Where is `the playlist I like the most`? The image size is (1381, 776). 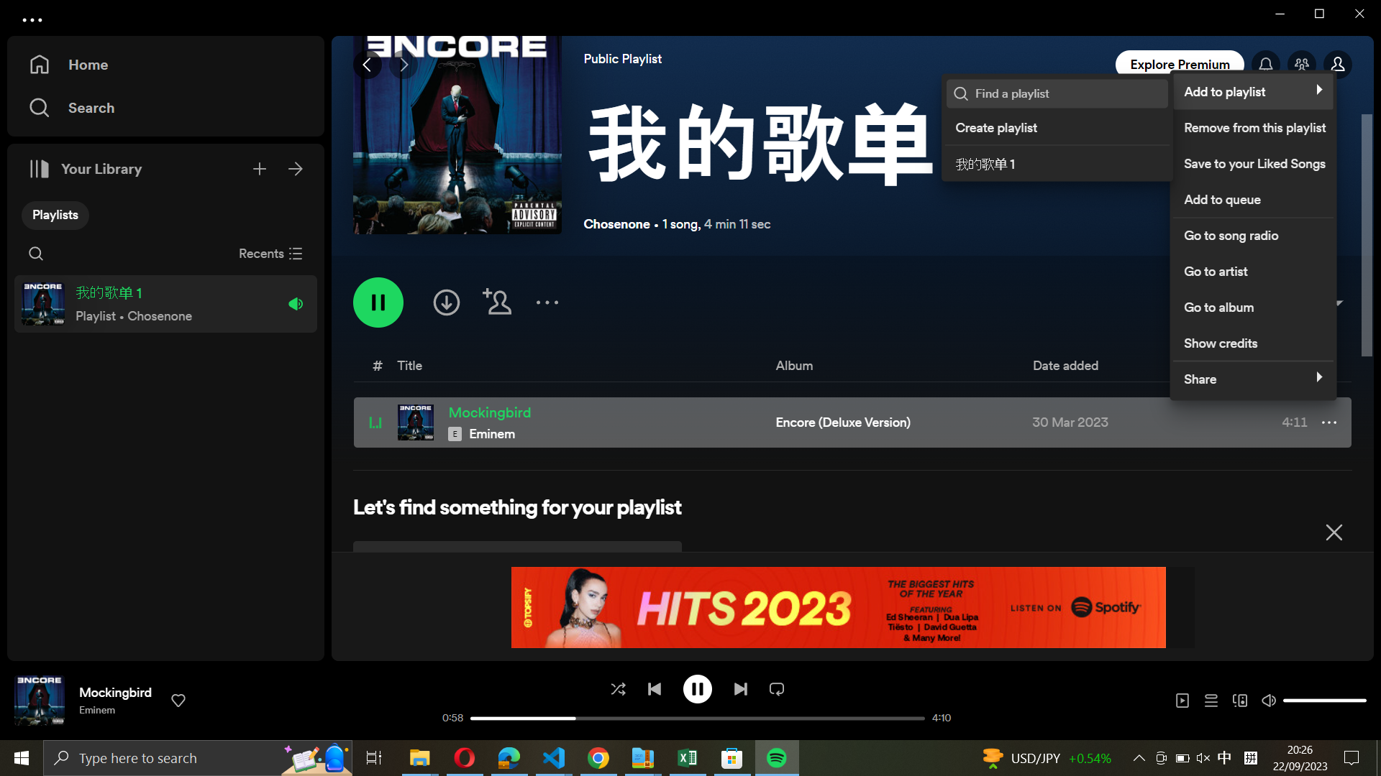 the playlist I like the most is located at coordinates (1067, 93).